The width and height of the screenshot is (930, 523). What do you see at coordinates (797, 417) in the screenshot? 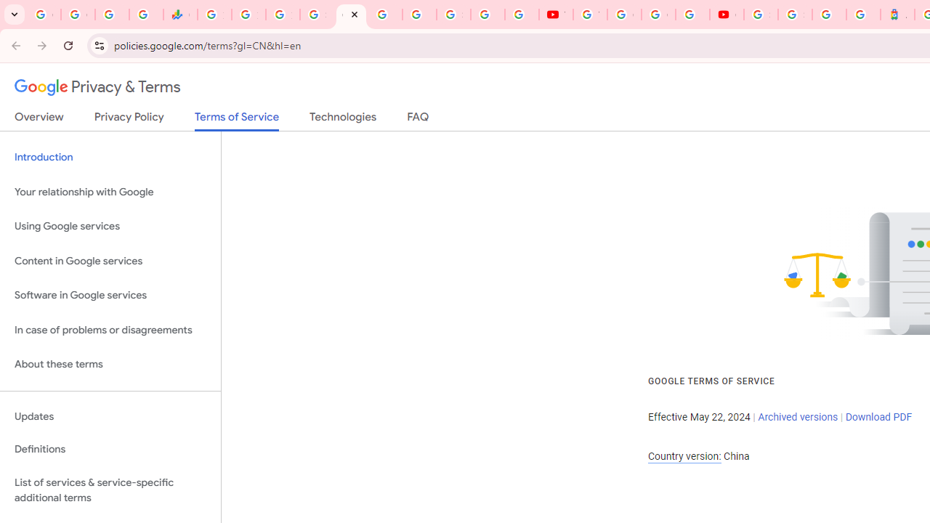
I see `'Archived versions'` at bounding box center [797, 417].